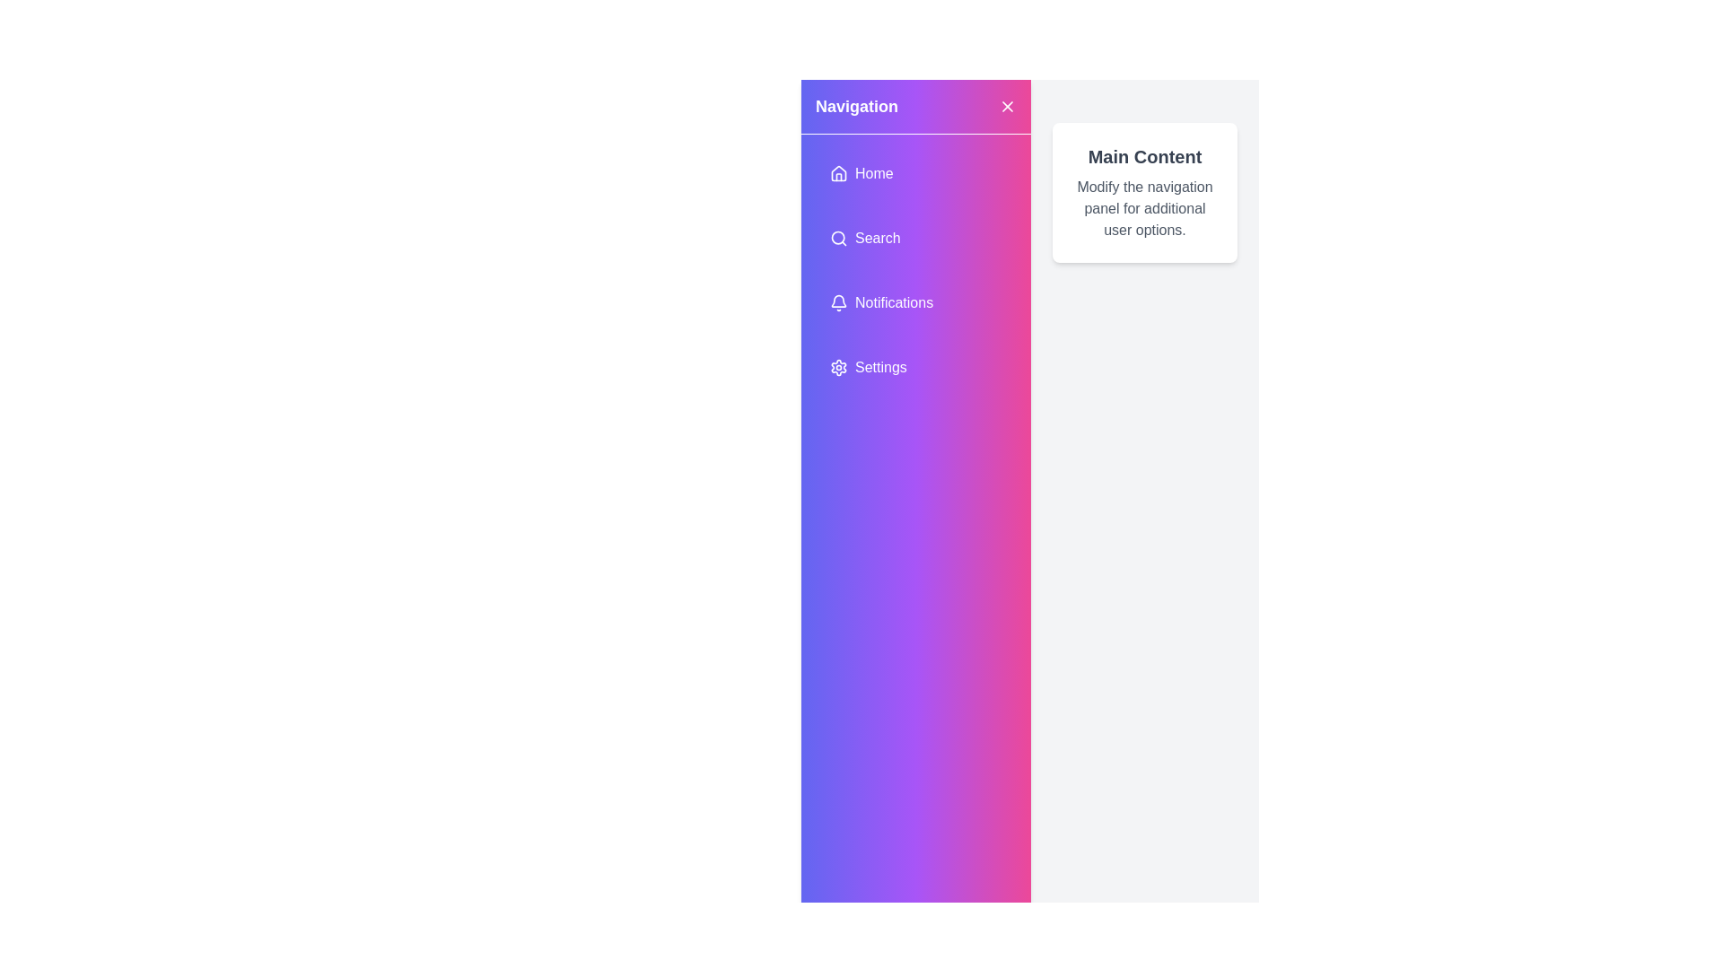 This screenshot has width=1723, height=969. Describe the element at coordinates (894, 302) in the screenshot. I see `the 'Notifications' text label, which is in white on a gradient purple-pink background` at that location.